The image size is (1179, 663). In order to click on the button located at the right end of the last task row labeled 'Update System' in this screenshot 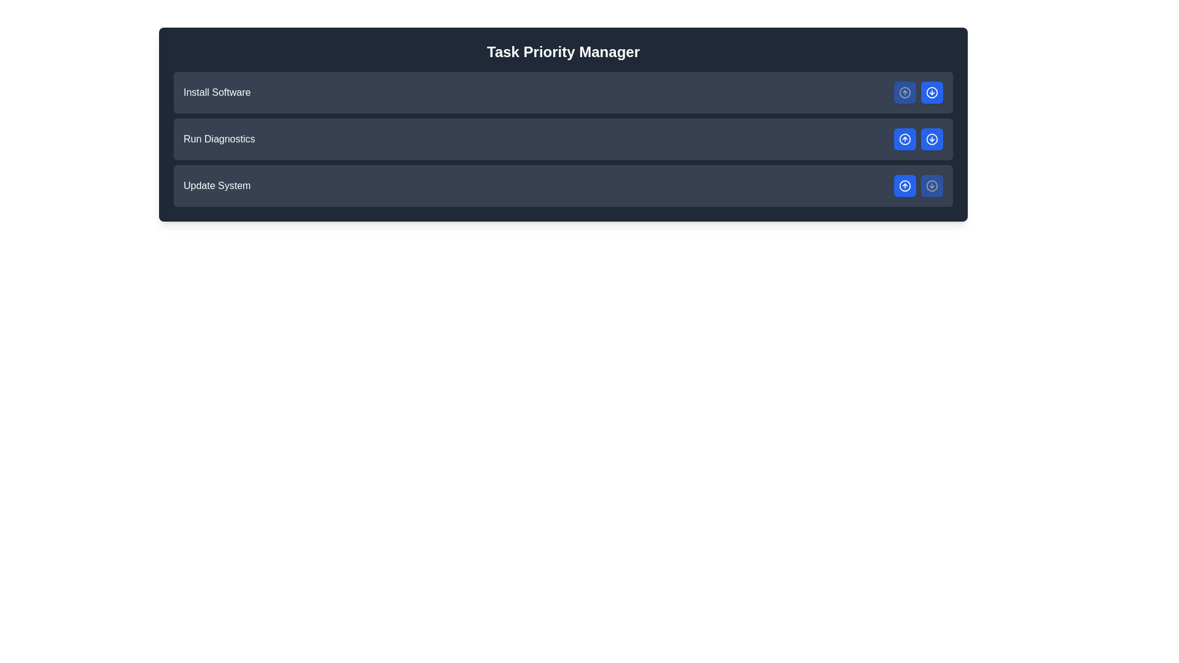, I will do `click(932, 186)`.